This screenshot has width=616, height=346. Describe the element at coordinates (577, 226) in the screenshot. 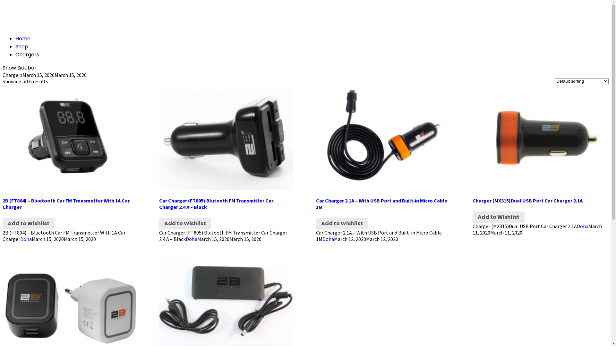

I see `'Doha'` at that location.